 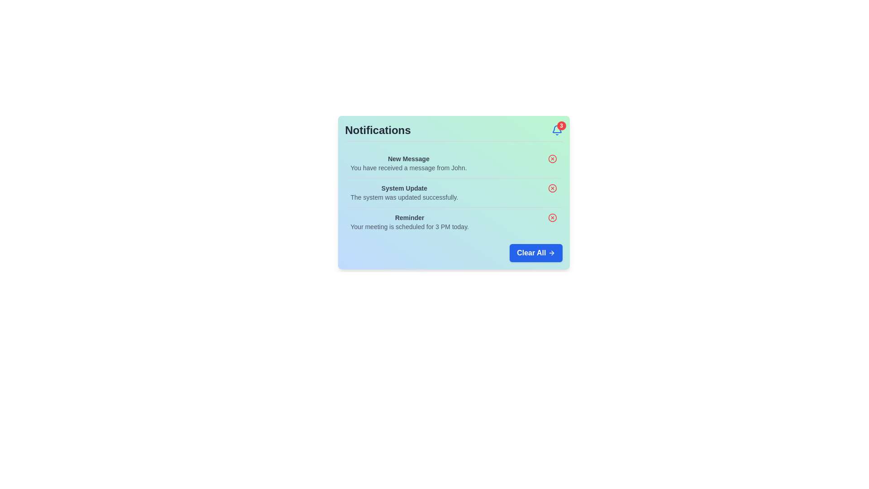 I want to click on gray-colored text stating 'You have received a message from John.' located within the notification card titled 'New Message', so click(x=408, y=168).